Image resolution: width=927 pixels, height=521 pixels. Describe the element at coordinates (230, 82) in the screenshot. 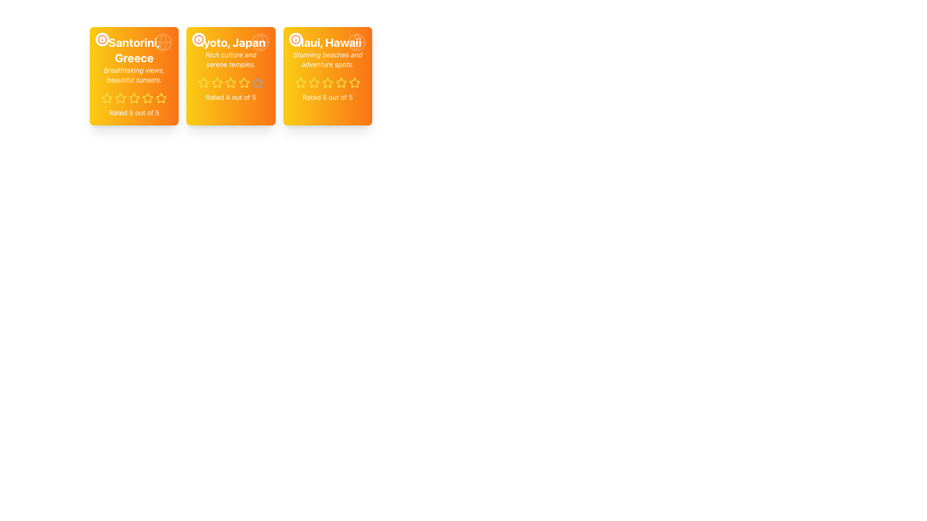

I see `a star icon in the rating indicator to set a rating for the item described in the card labeled 'Kyoto, Japan'` at that location.